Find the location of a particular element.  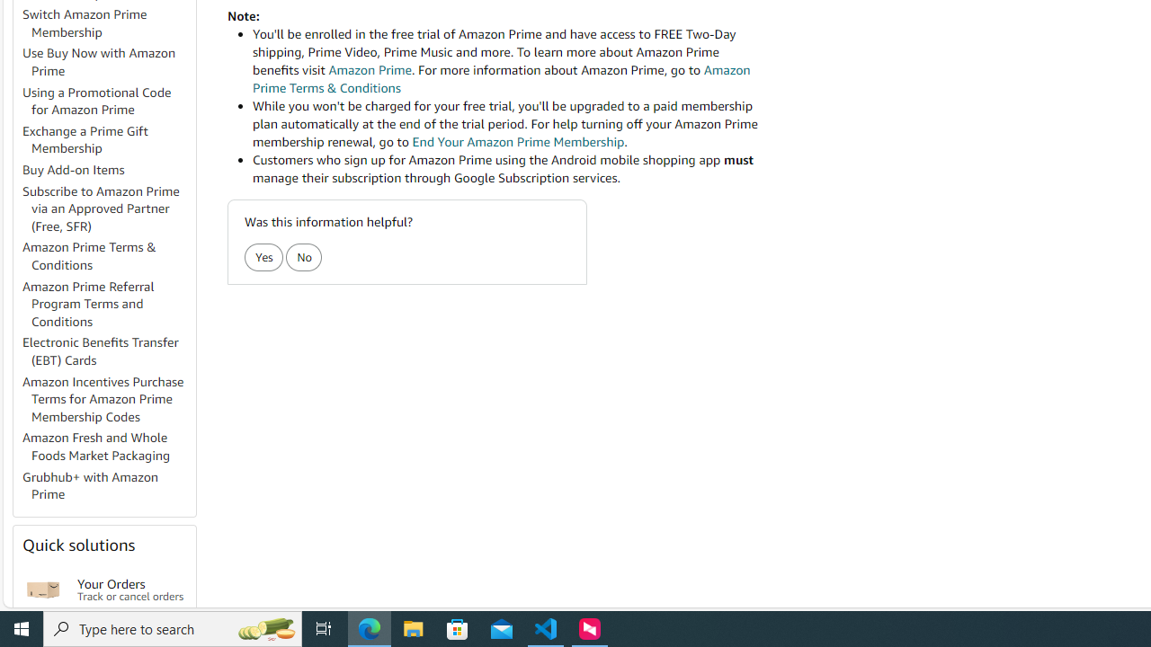

'Amazon Fresh and Whole Foods Market Packaging' is located at coordinates (107, 446).